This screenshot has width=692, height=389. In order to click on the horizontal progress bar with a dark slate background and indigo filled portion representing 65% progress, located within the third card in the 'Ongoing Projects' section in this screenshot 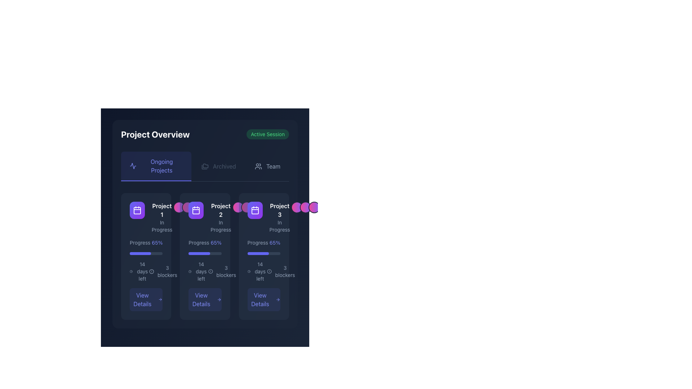, I will do `click(263, 253)`.